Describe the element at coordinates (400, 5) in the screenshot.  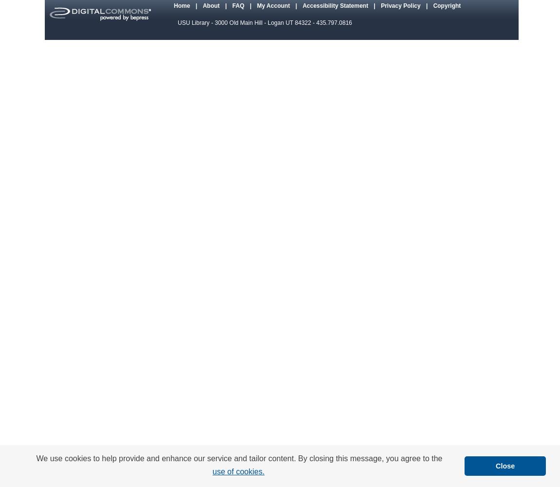
I see `'Privacy Policy'` at that location.